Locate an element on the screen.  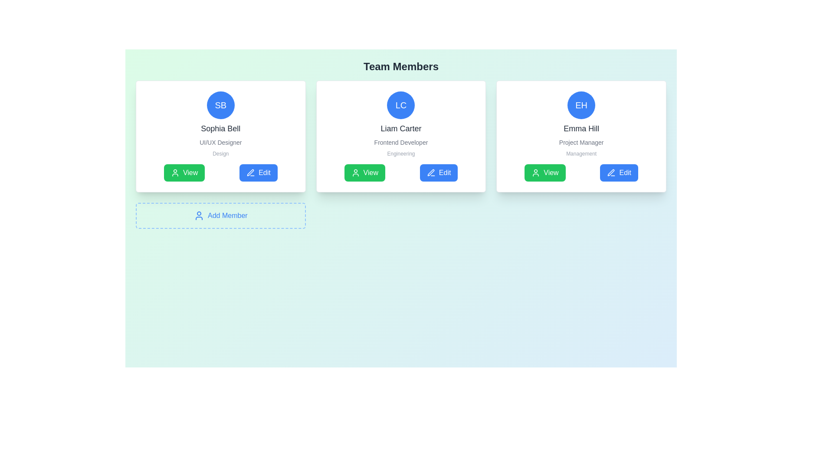
the 'Add Member' icon located near the bottom left of the interface, within the dashed rectangle labeled 'Add Member' is located at coordinates (199, 215).